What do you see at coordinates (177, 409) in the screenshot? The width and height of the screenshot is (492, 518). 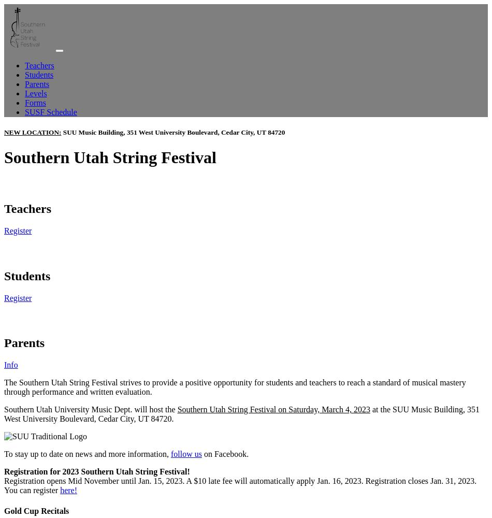 I see `'Southern Utah String Festival on Saturday, March 4, 2023'` at bounding box center [177, 409].